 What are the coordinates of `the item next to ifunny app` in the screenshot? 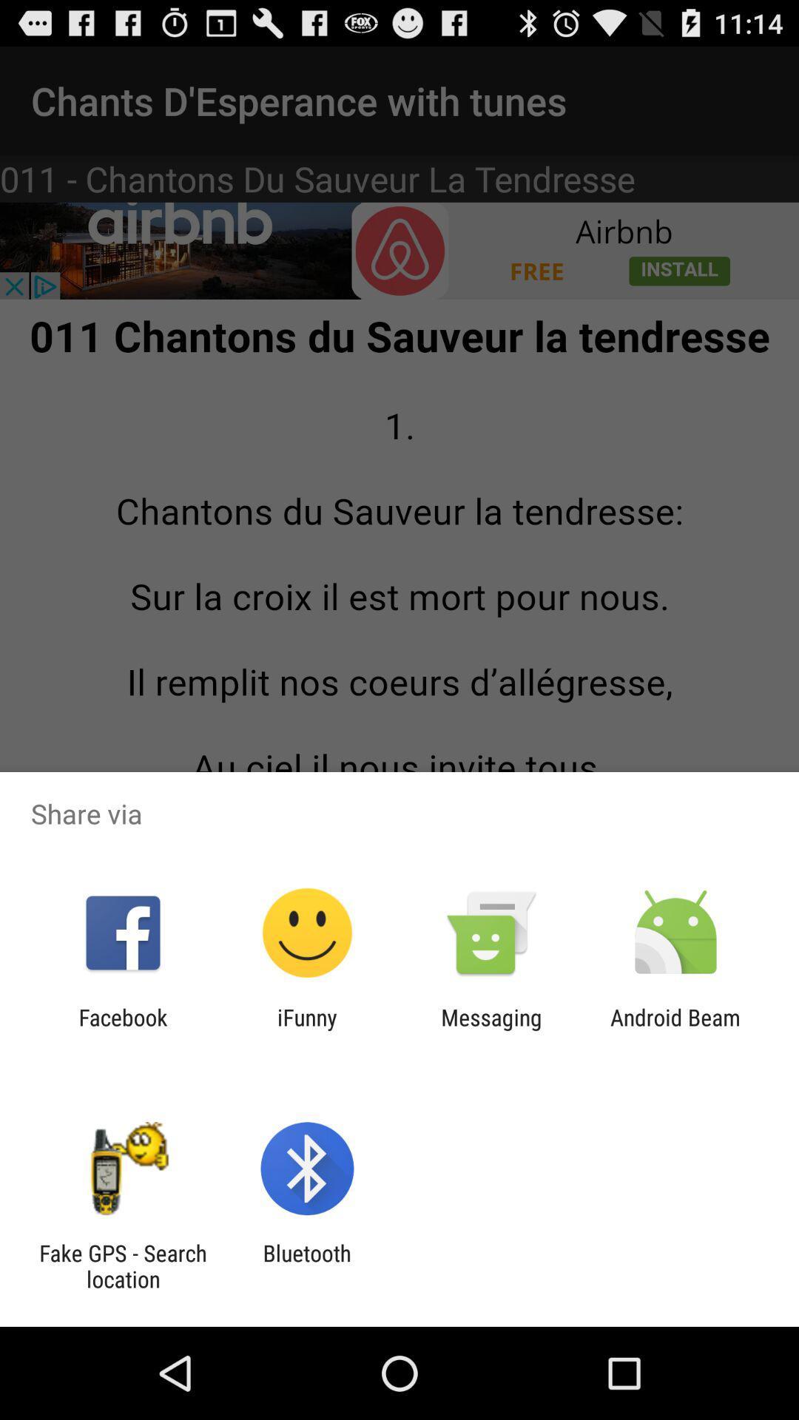 It's located at (491, 1029).